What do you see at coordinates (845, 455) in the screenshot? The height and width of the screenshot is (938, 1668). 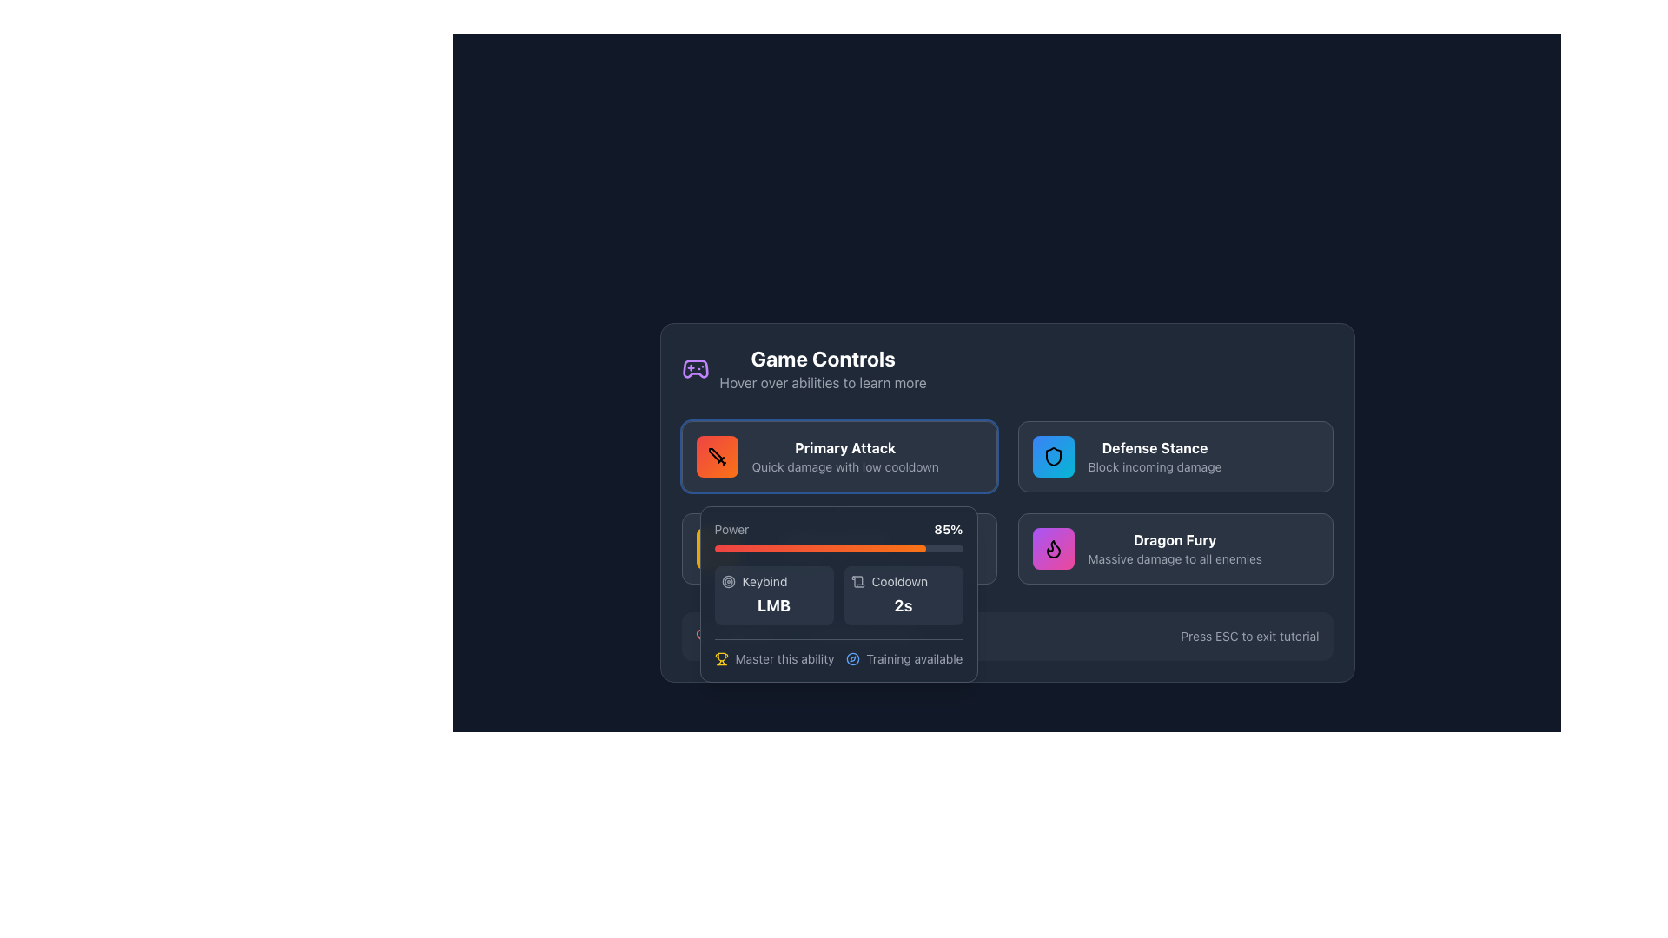 I see `the 'Primary Attack' text block, which is a bold, white-colored text embedded in the first card of the 'Game Controls' section, to get more information` at bounding box center [845, 455].